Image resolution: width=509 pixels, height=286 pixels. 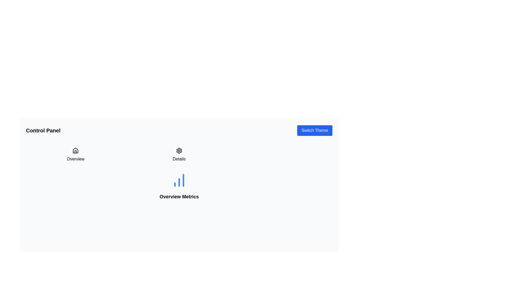 I want to click on the text content of the text label located in the top-left section of the user interface, which serves as a header or title for the current functional area, so click(x=43, y=131).